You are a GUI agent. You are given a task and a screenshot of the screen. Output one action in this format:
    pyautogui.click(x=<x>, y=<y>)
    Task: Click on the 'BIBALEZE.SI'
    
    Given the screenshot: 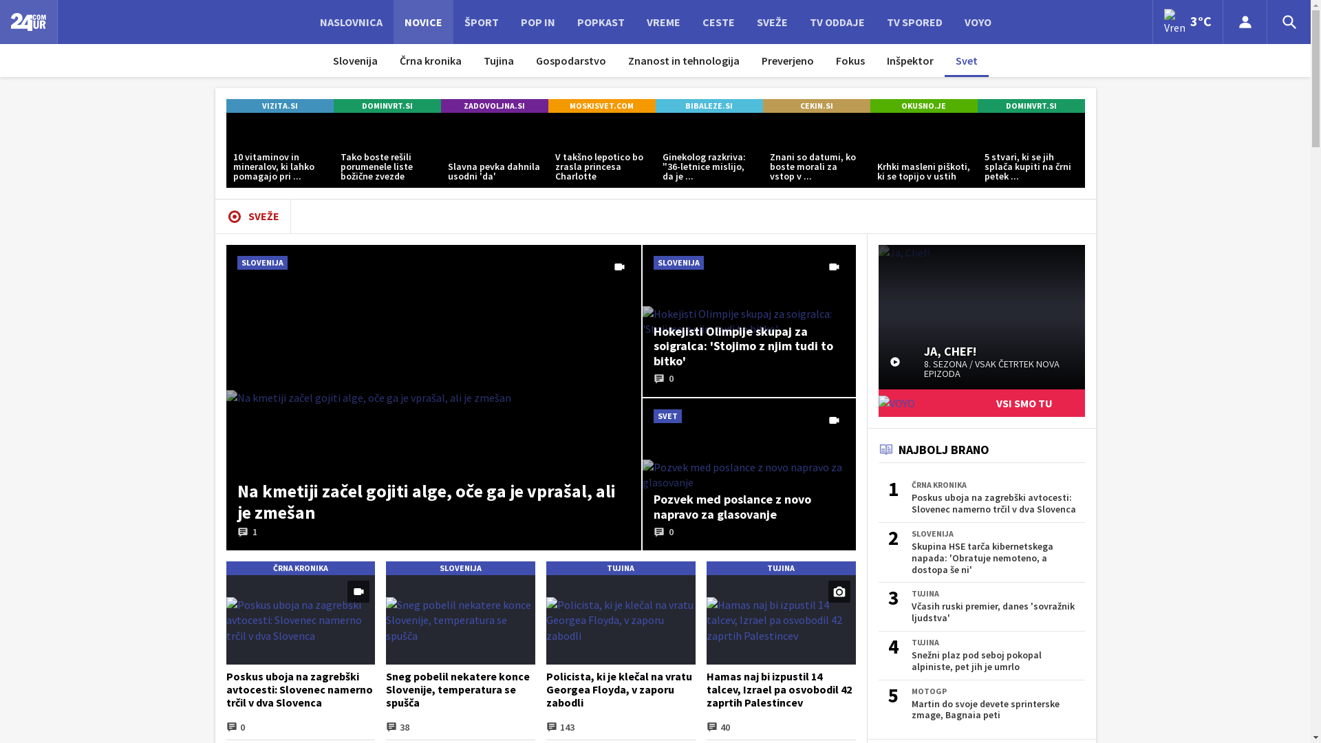 What is the action you would take?
    pyautogui.click(x=709, y=105)
    